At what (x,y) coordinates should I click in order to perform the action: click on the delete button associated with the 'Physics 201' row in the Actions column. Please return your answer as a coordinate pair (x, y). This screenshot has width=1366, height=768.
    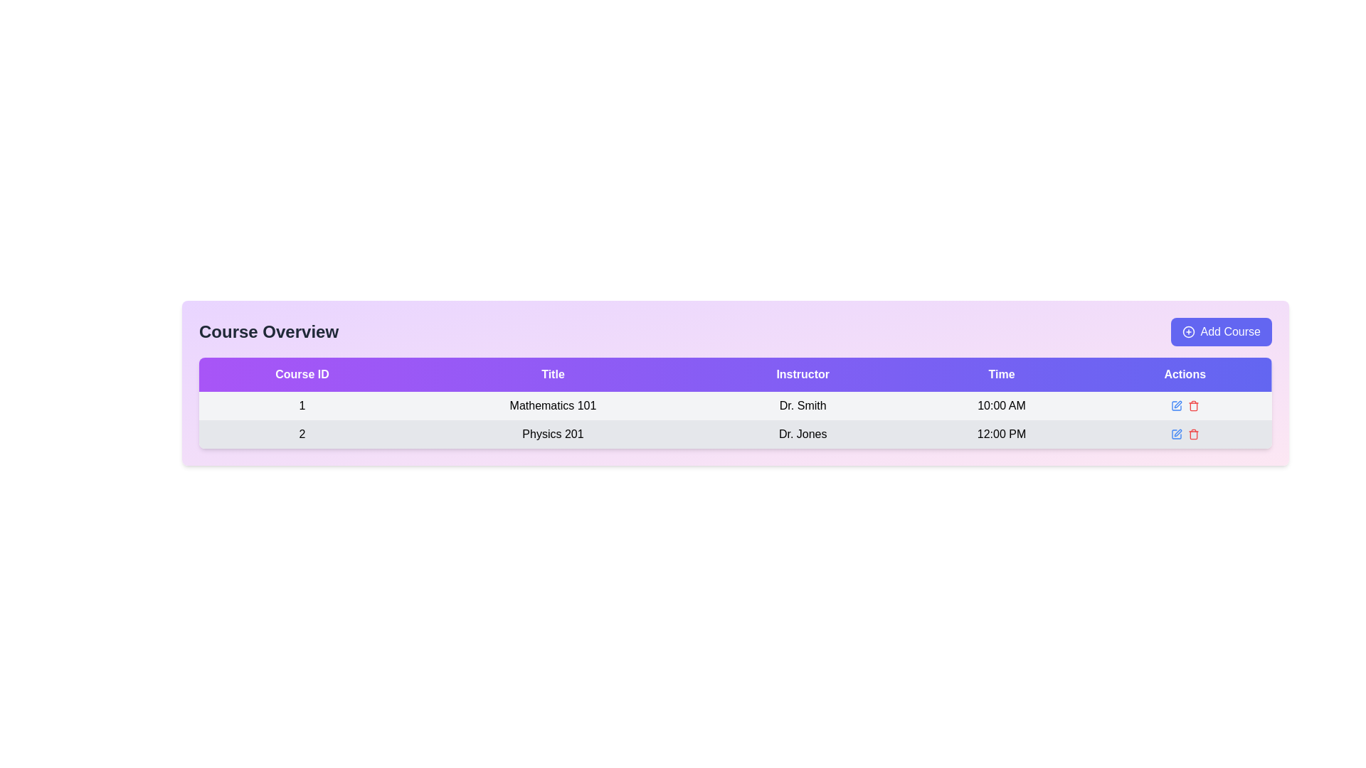
    Looking at the image, I should click on (1193, 405).